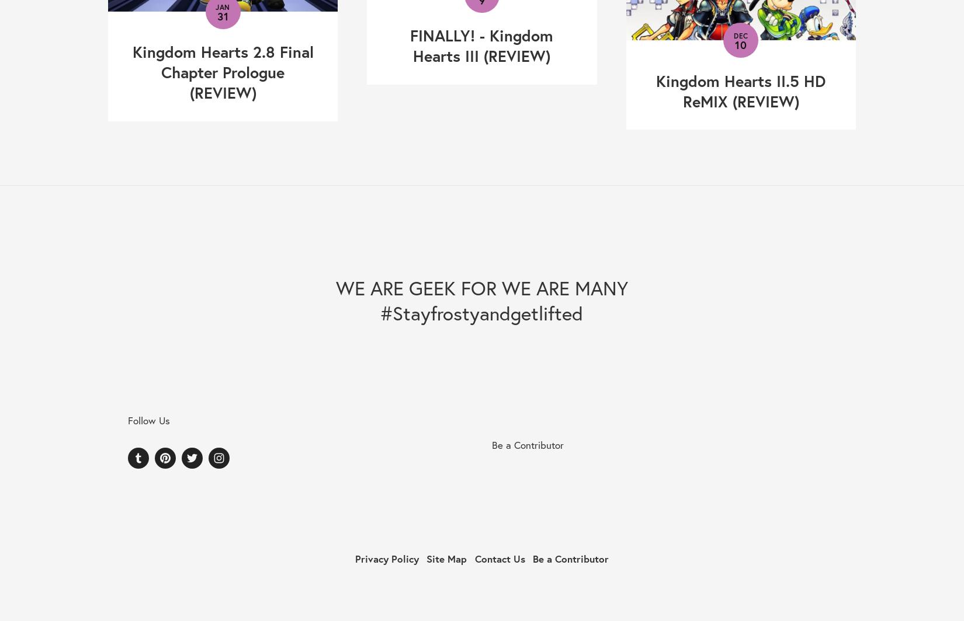 This screenshot has width=964, height=621. I want to click on 'WE ARE GEEK FOR WE ARE MANY', so click(481, 287).